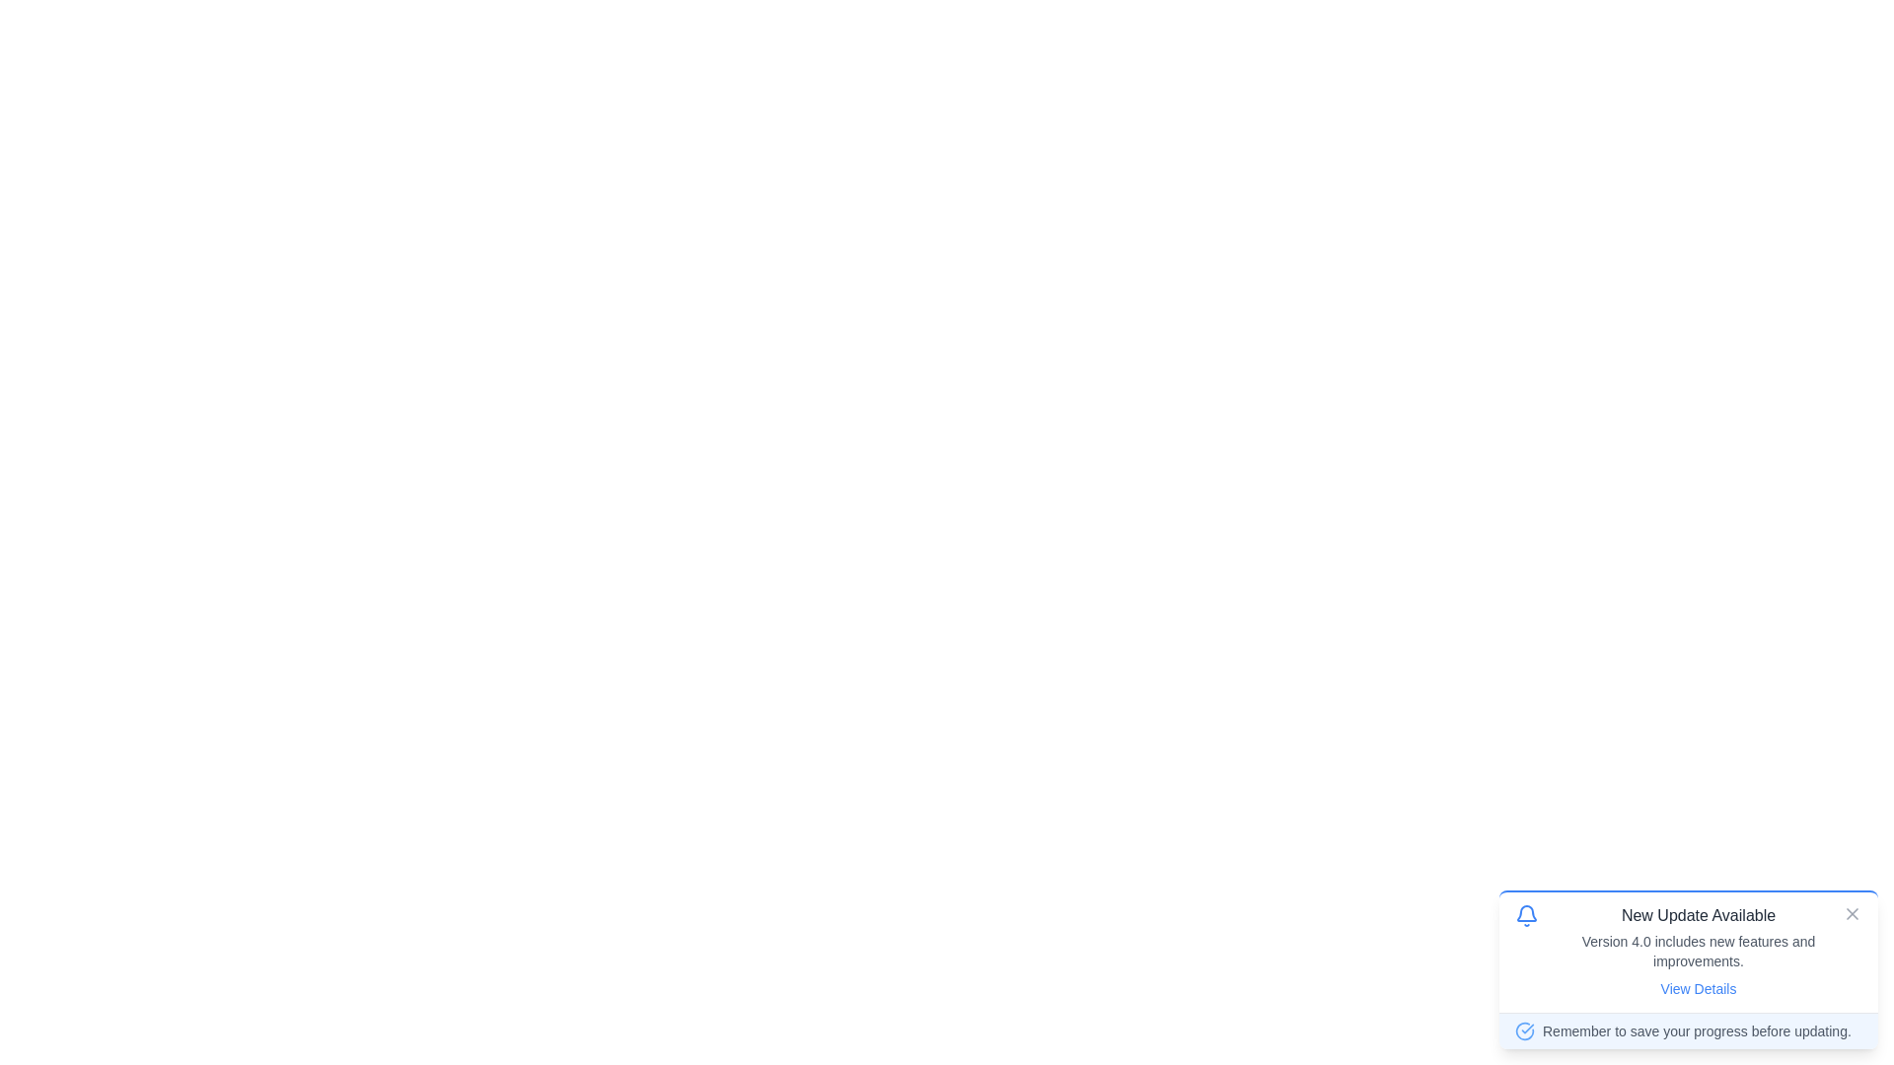 The image size is (1894, 1065). I want to click on the blue notification bell icon located at the top-left corner of the notification banner, so click(1526, 916).